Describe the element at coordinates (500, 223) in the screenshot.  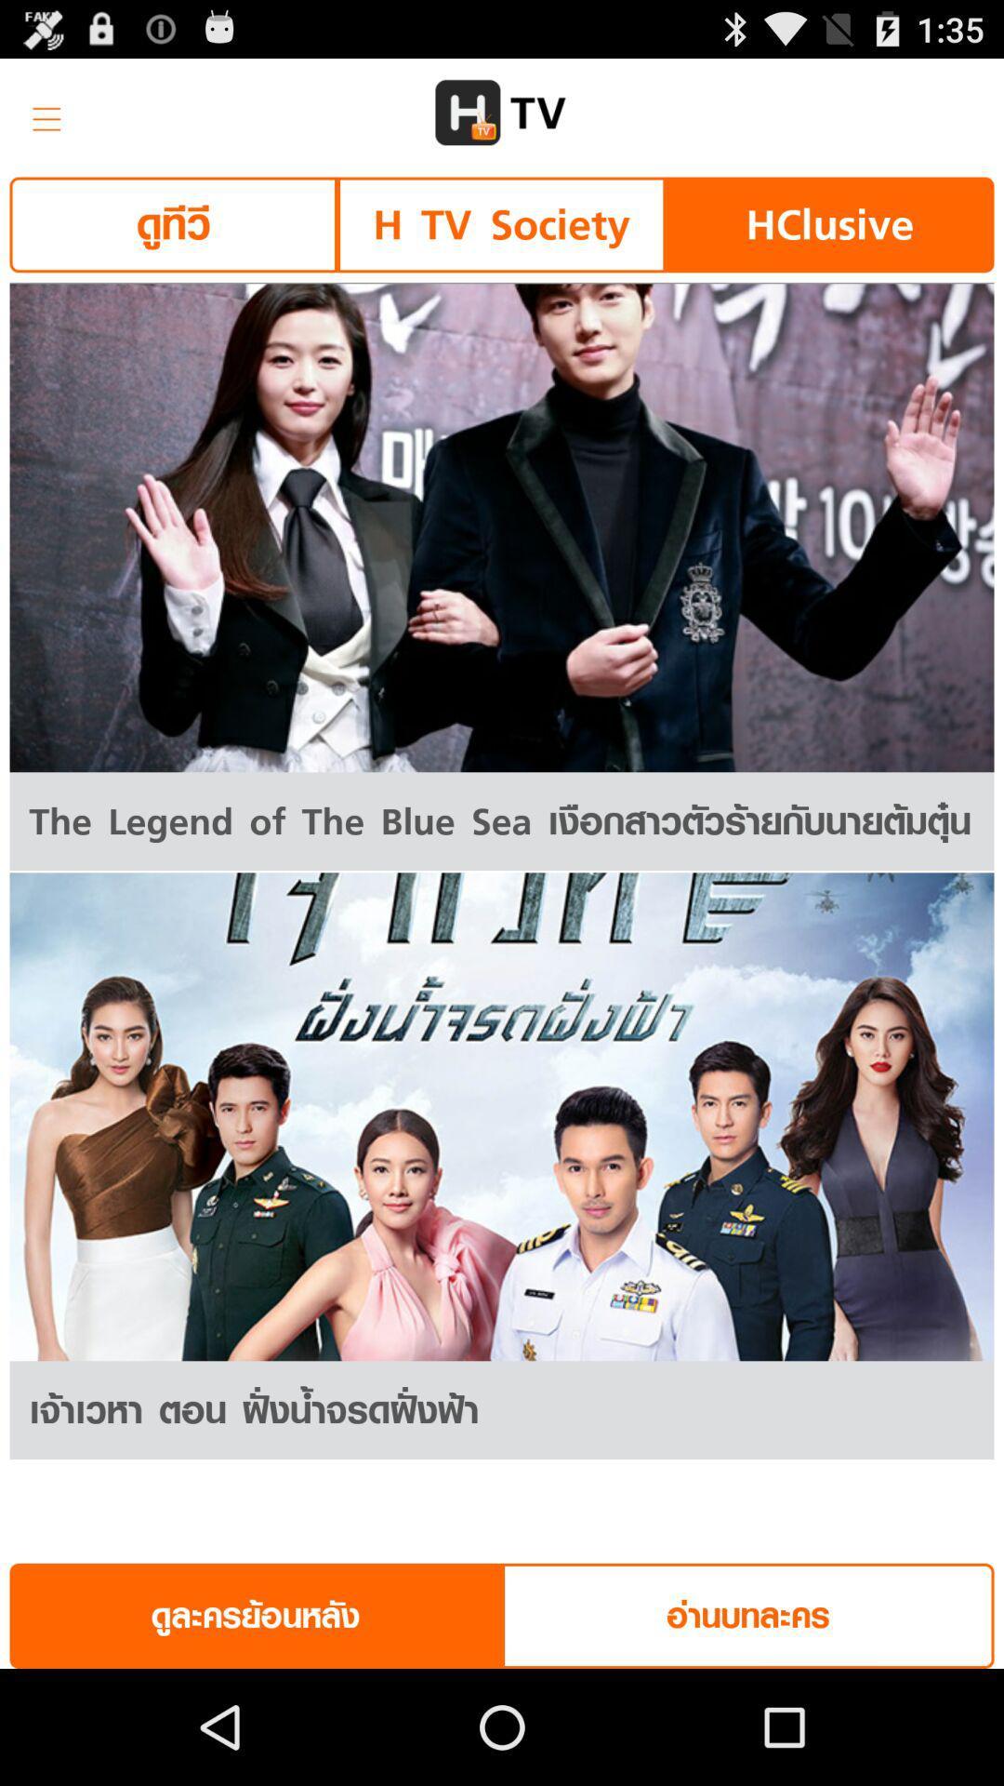
I see `the h tv society` at that location.